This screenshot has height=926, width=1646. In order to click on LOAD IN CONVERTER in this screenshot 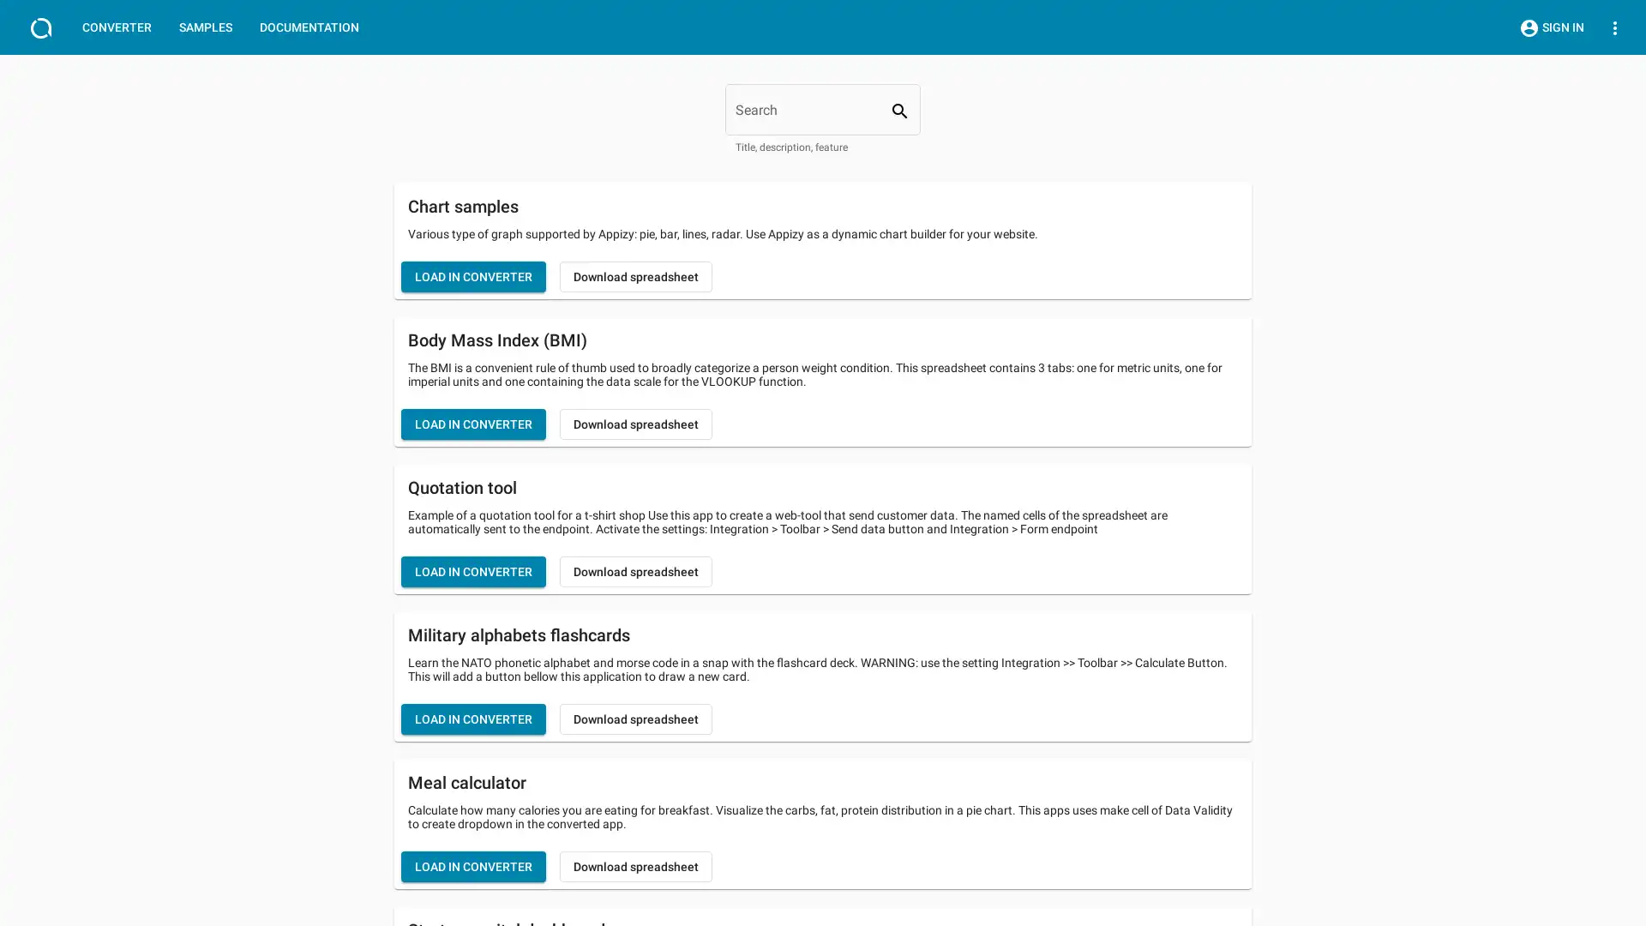, I will do `click(473, 276)`.